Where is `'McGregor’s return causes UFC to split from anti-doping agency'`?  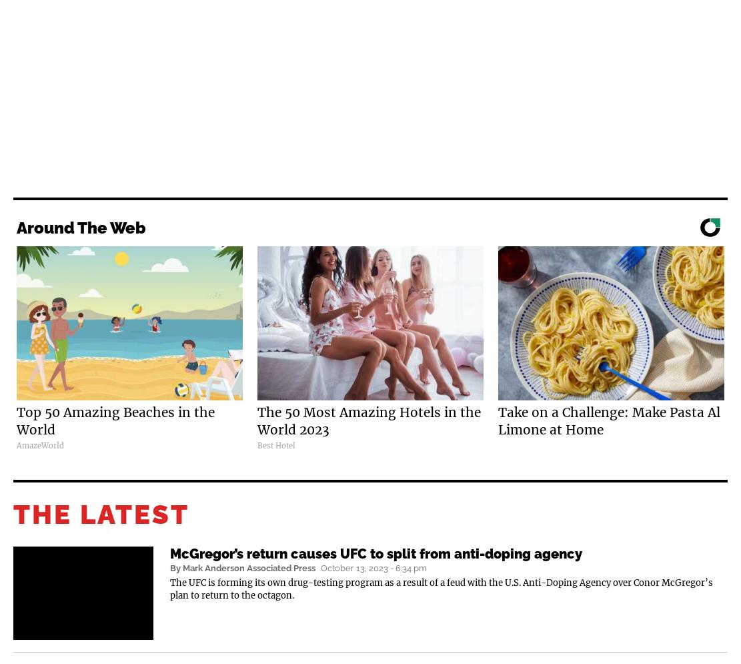 'McGregor’s return causes UFC to split from anti-doping agency' is located at coordinates (169, 553).